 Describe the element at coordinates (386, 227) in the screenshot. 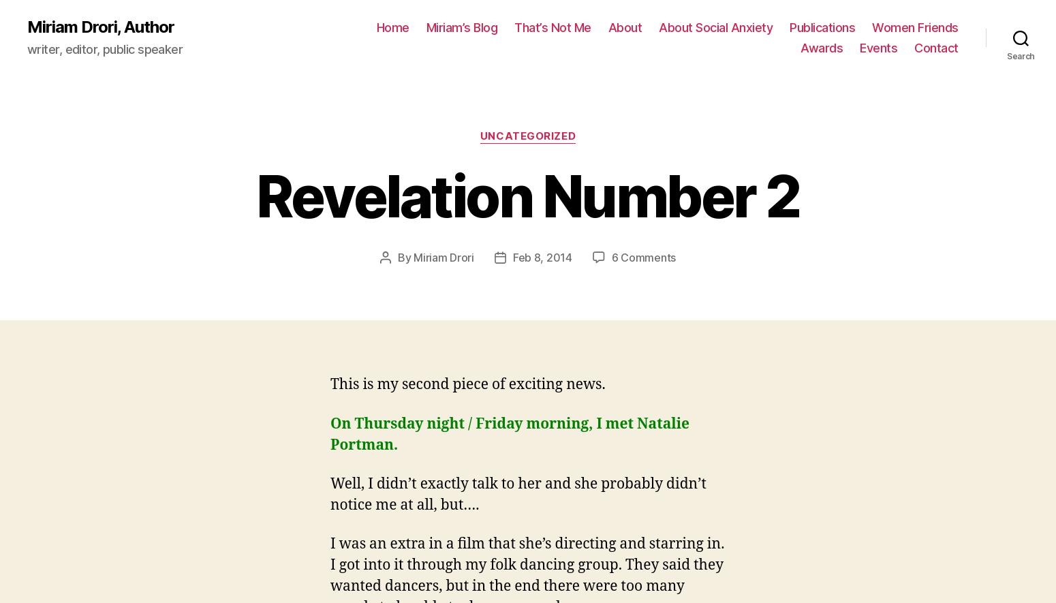

I see `'catdownunder'` at that location.